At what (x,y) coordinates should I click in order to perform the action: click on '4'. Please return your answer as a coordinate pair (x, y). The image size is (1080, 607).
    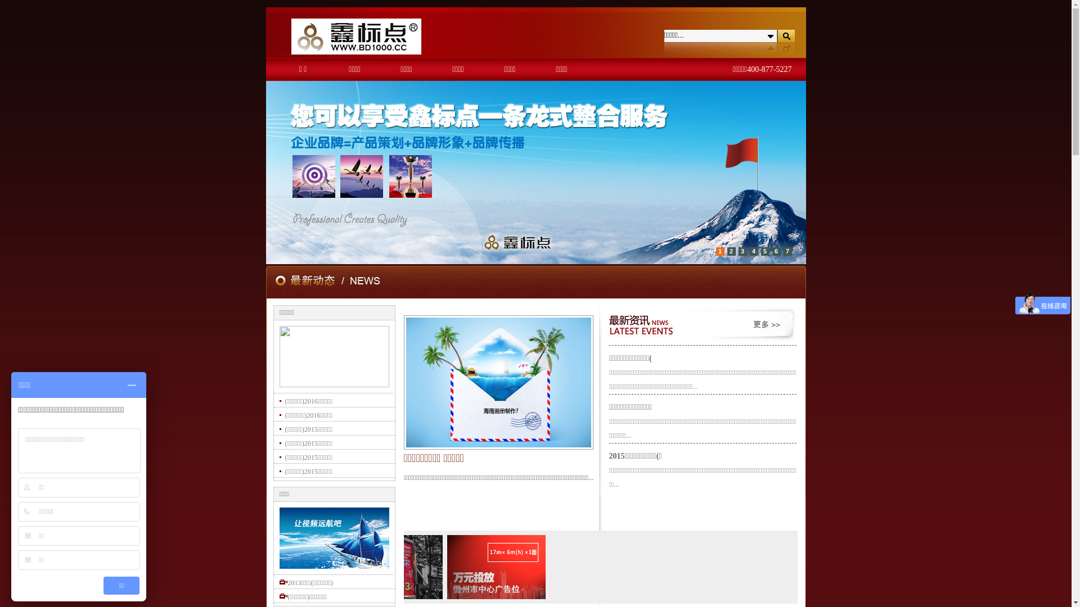
    Looking at the image, I should click on (753, 251).